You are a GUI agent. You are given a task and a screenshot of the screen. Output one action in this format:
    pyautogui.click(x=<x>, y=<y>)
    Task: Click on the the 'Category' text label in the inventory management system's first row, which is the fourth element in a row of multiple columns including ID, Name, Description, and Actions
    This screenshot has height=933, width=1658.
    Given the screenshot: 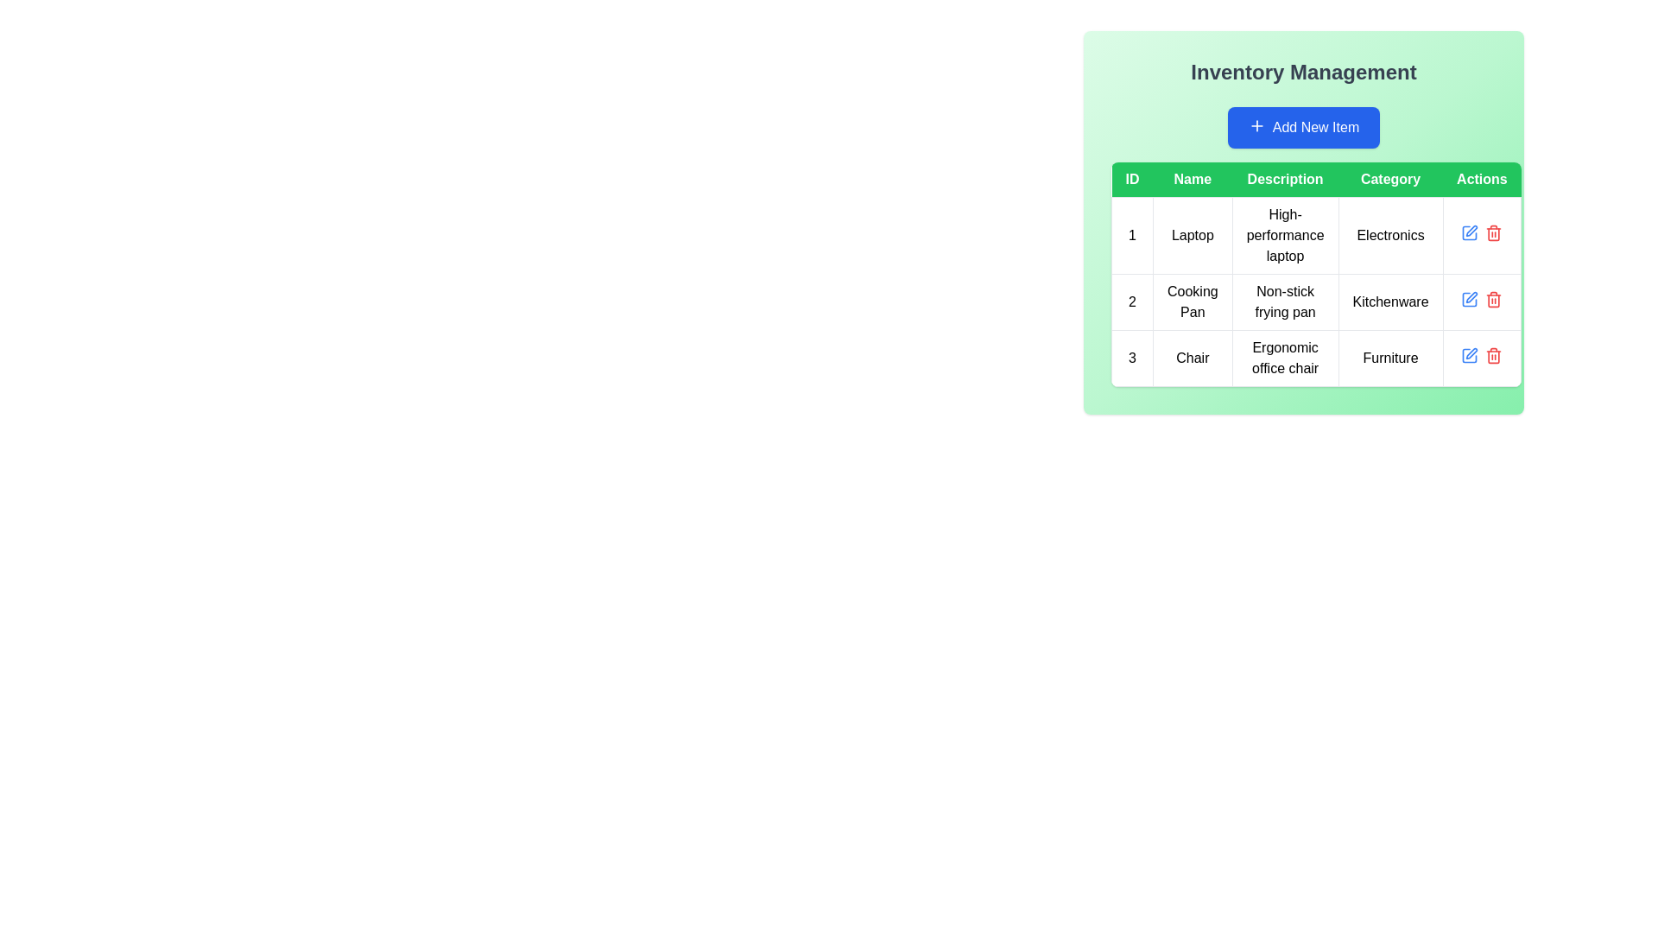 What is the action you would take?
    pyautogui.click(x=1390, y=236)
    